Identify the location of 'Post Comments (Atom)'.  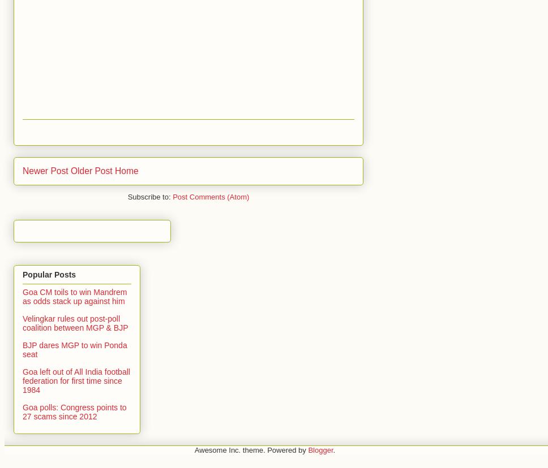
(210, 196).